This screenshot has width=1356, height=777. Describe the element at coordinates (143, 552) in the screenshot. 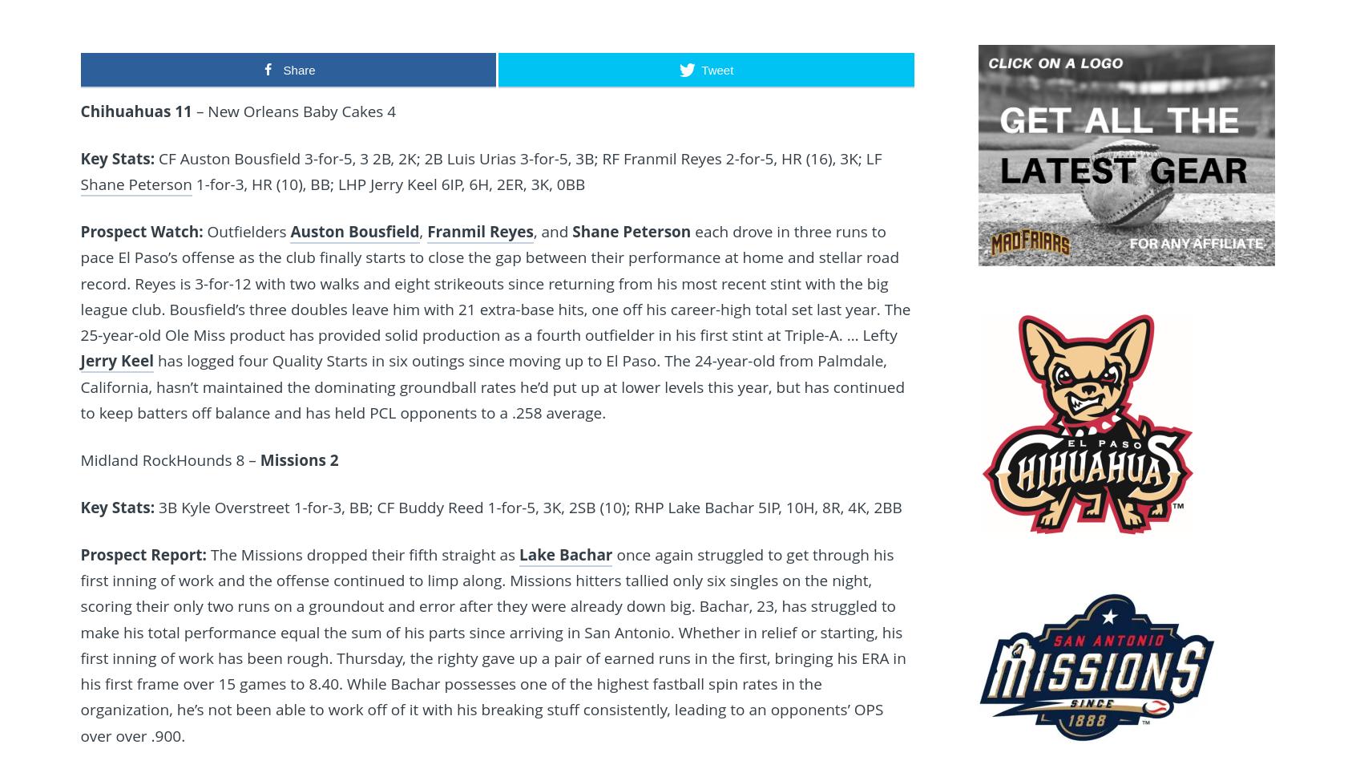

I see `'Prospect Report:'` at that location.